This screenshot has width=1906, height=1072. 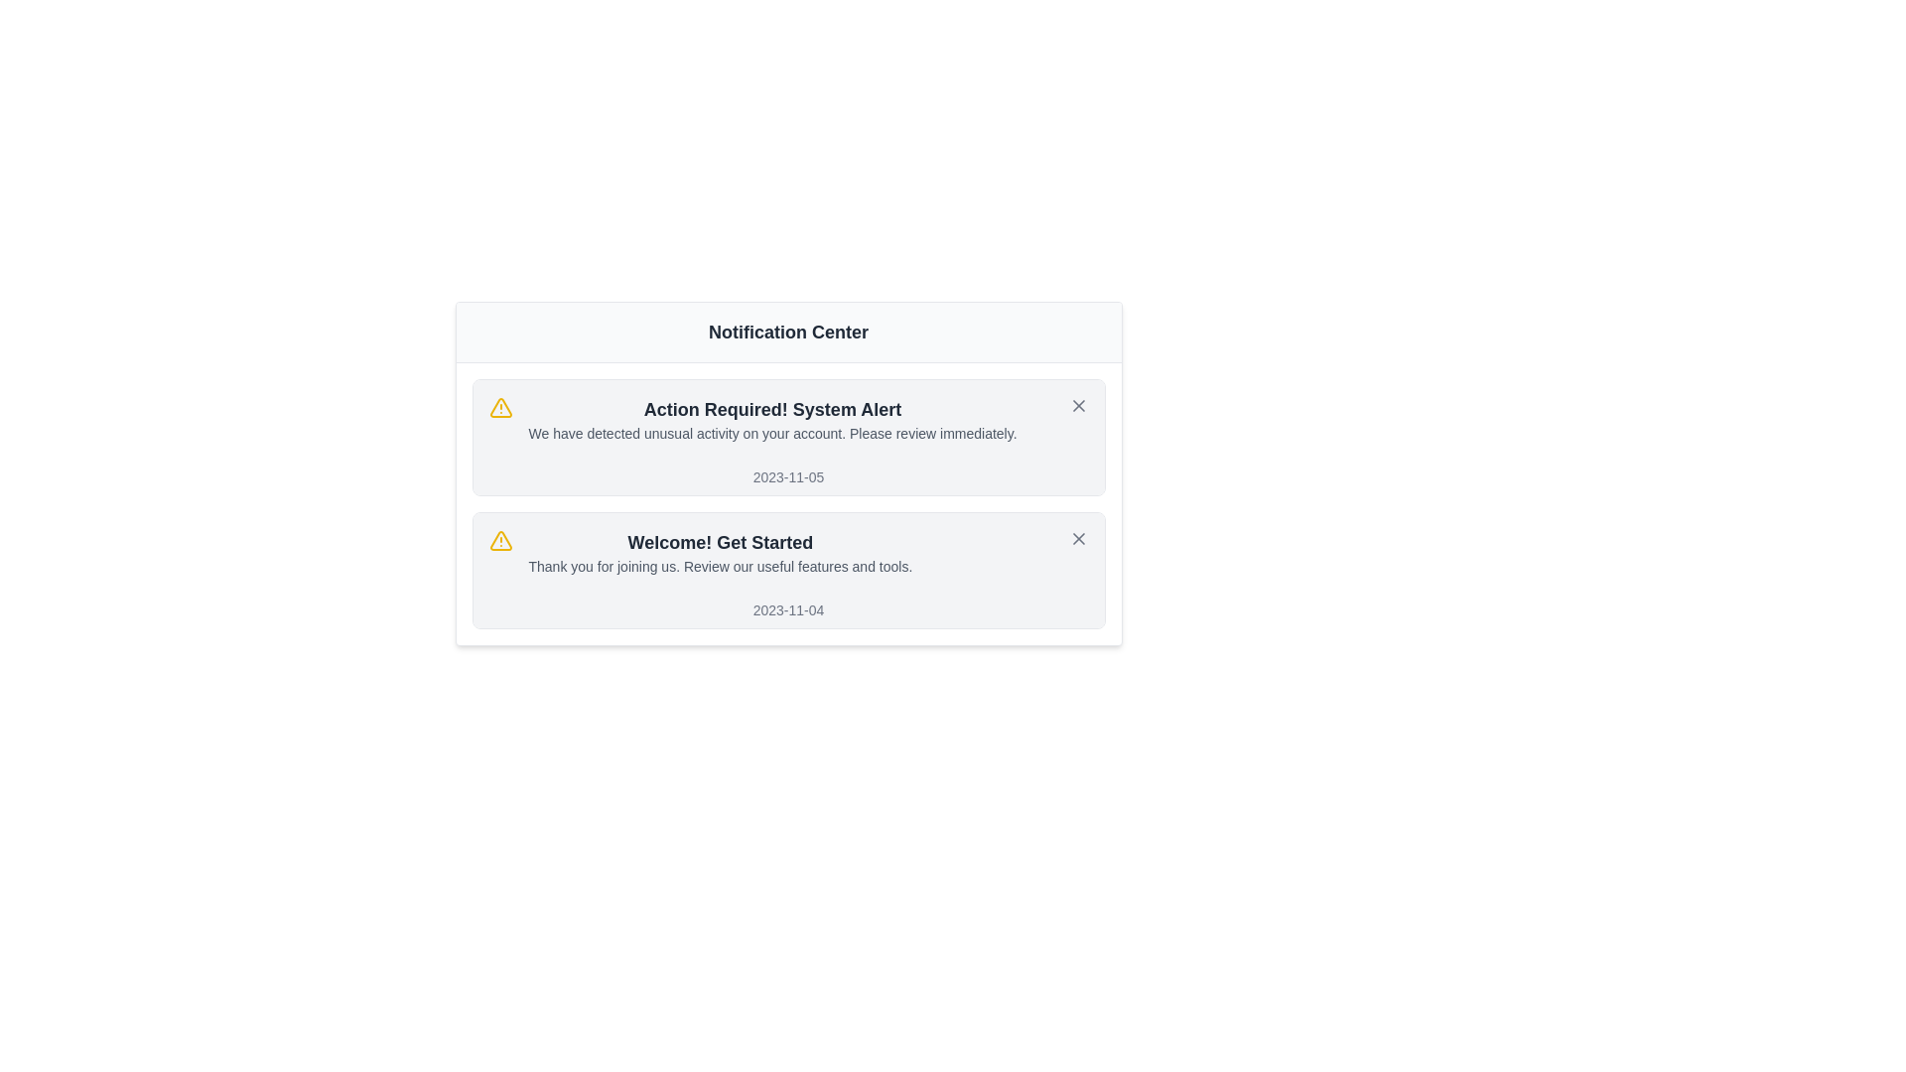 What do you see at coordinates (1077, 404) in the screenshot?
I see `the close button styled with an 'X' icon located at the top-right corner of the notification panel titled 'Action Required! System Alert' for tooltip or highlighting effects` at bounding box center [1077, 404].